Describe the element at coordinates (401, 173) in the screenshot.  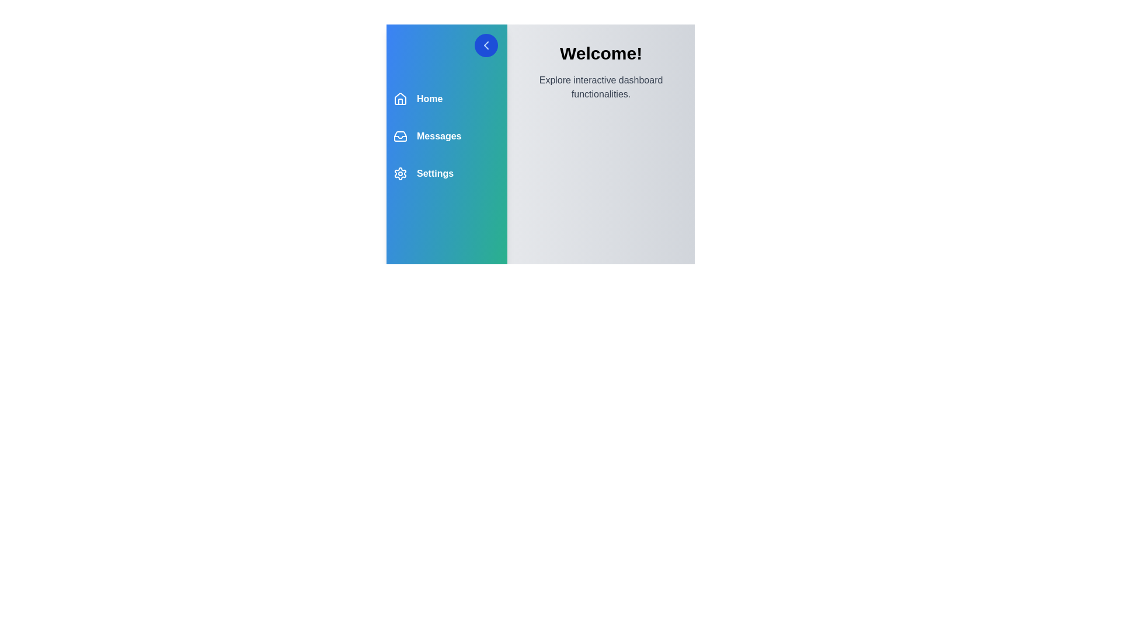
I see `the settings menu icon located in the left-hand navigation pane, positioned between 'Messages' and 'Settings'` at that location.